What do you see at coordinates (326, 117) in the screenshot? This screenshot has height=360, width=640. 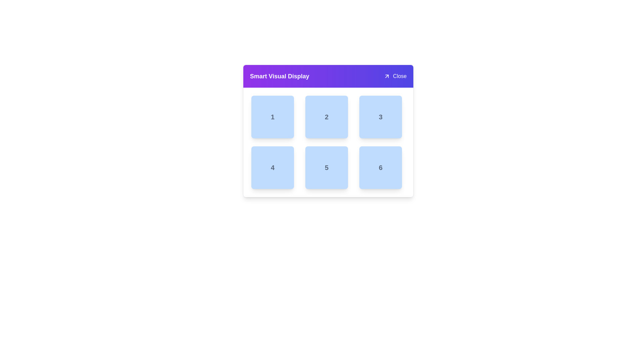 I see `the light blue square box displaying the number '2', which is the second item in the first row of a 3-column grid layout` at bounding box center [326, 117].